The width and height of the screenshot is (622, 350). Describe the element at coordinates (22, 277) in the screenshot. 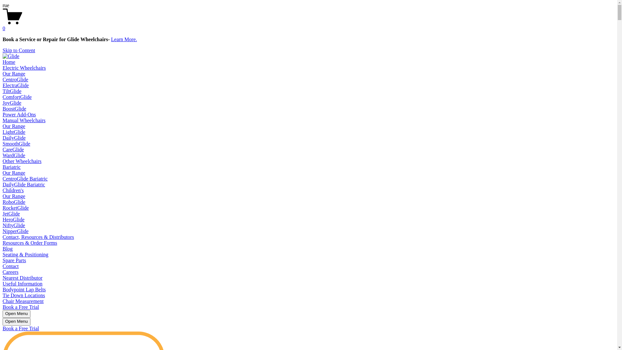

I see `'Nearest Distributor'` at that location.